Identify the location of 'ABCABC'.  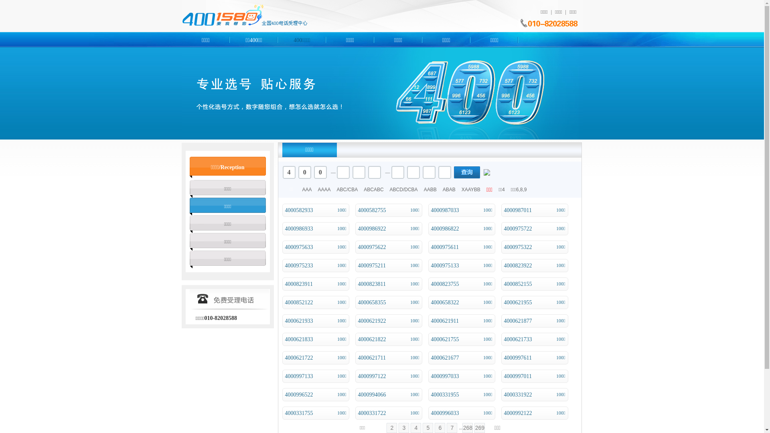
(373, 190).